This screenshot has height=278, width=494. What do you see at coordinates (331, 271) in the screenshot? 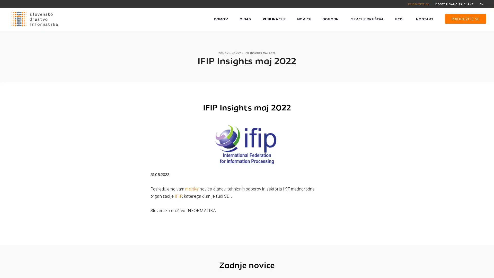
I see `Sprejmi piskotke` at bounding box center [331, 271].